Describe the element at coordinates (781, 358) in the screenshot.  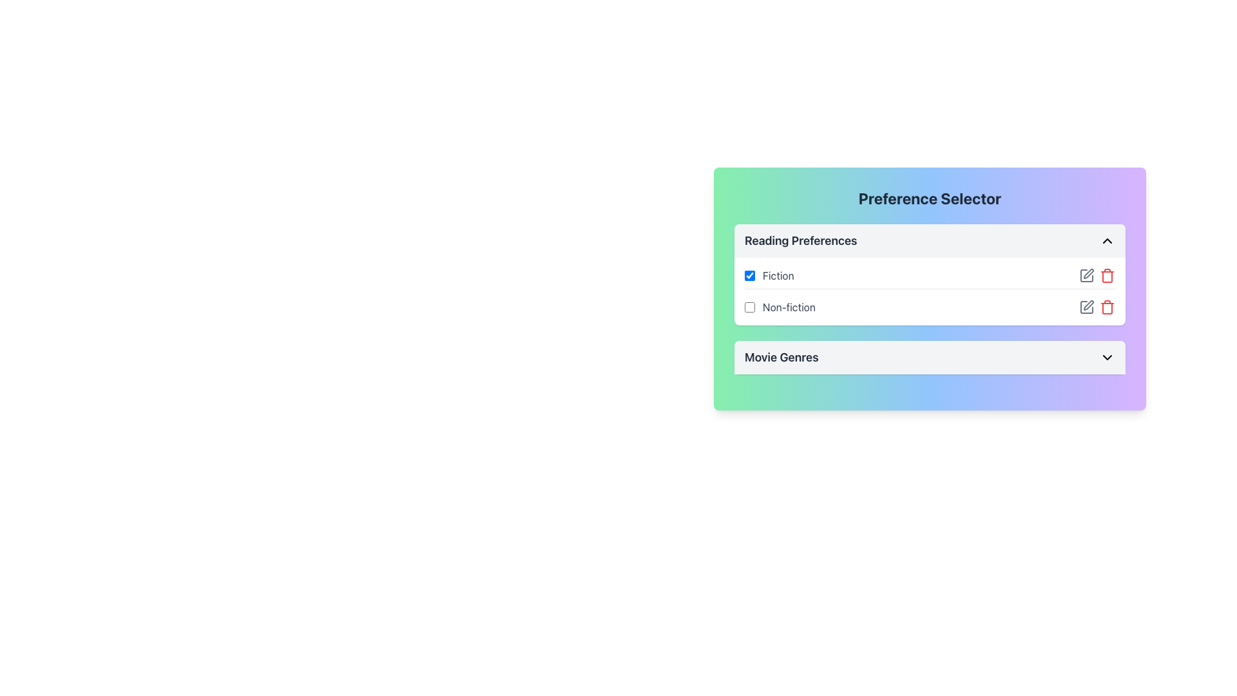
I see `text label 'Movie Genres' which is prominently displayed in bold, dark gray font within the 'Preference Selector' section` at that location.